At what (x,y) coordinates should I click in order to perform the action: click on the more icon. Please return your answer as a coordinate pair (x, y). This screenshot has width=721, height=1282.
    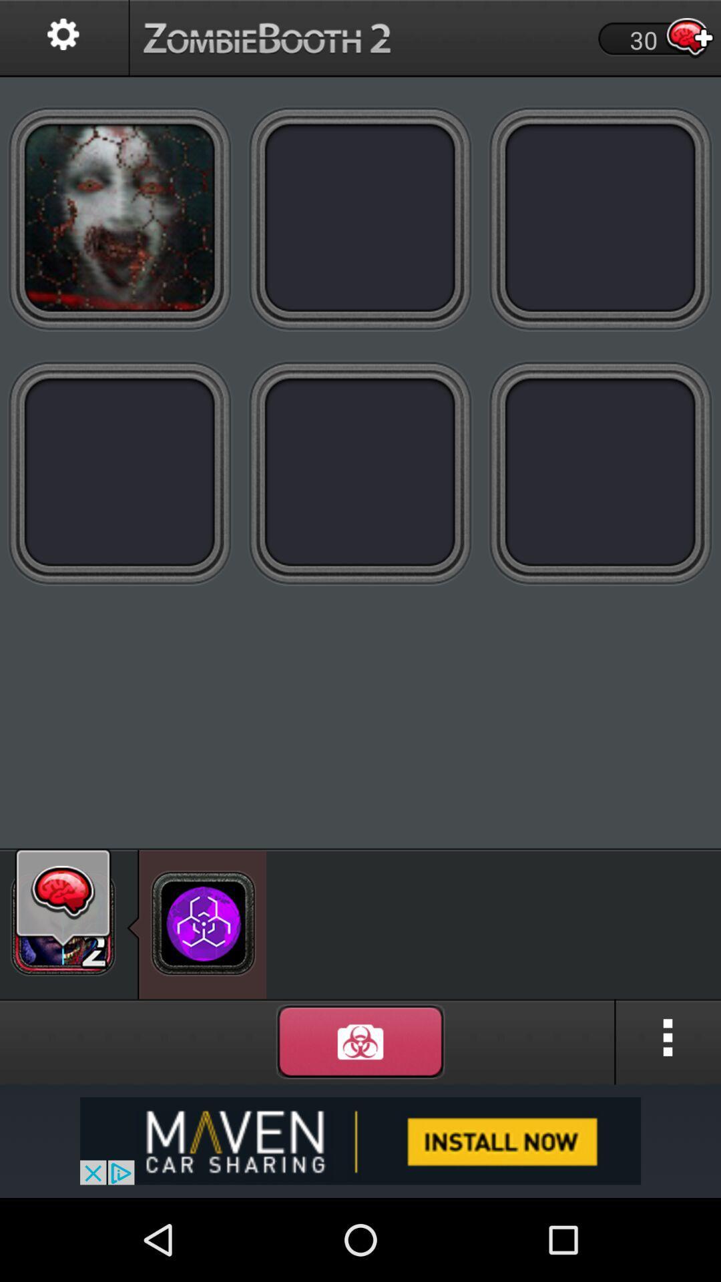
    Looking at the image, I should click on (668, 1115).